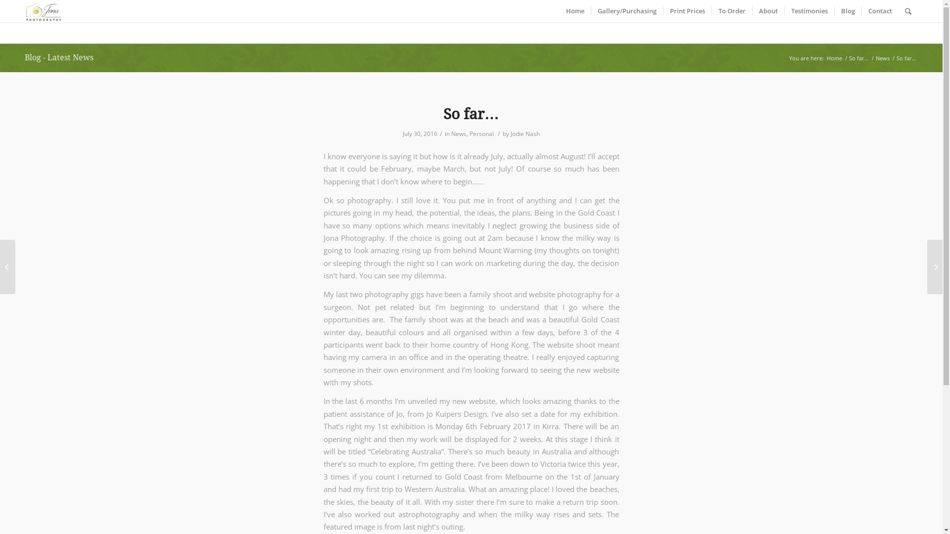 The image size is (950, 534). What do you see at coordinates (883, 58) in the screenshot?
I see `'News'` at bounding box center [883, 58].